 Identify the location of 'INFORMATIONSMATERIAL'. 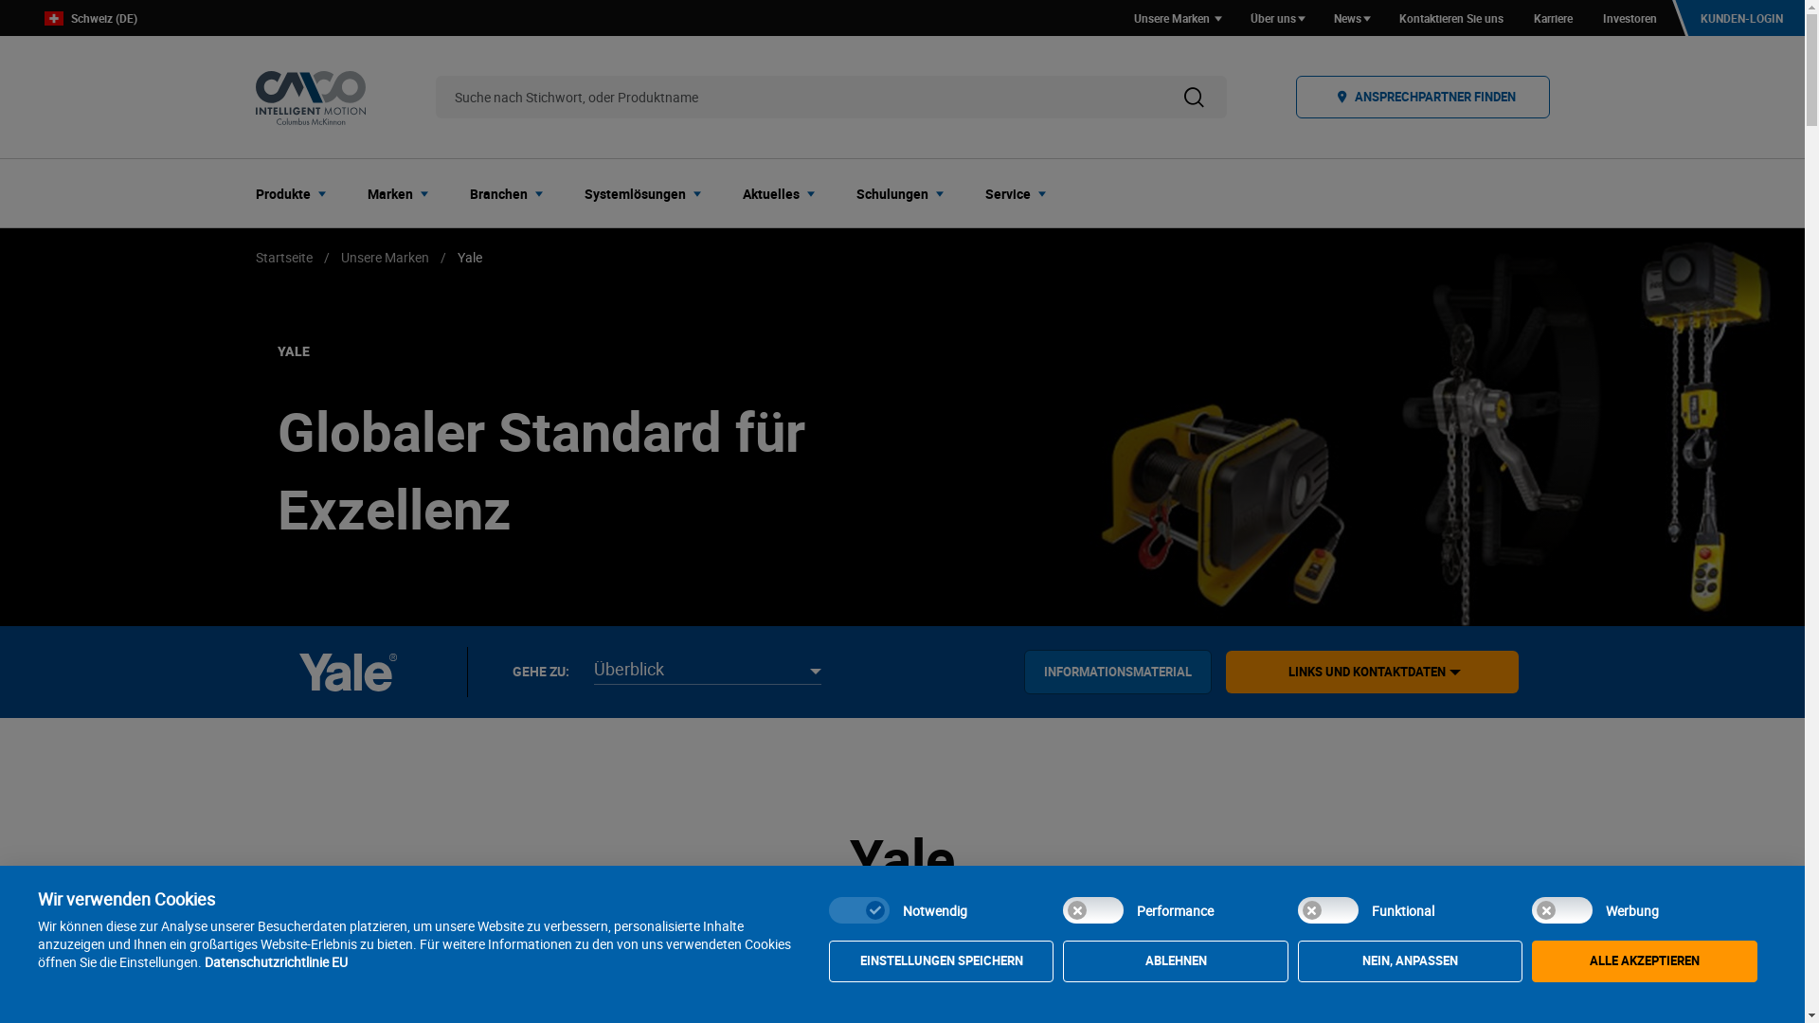
(1118, 671).